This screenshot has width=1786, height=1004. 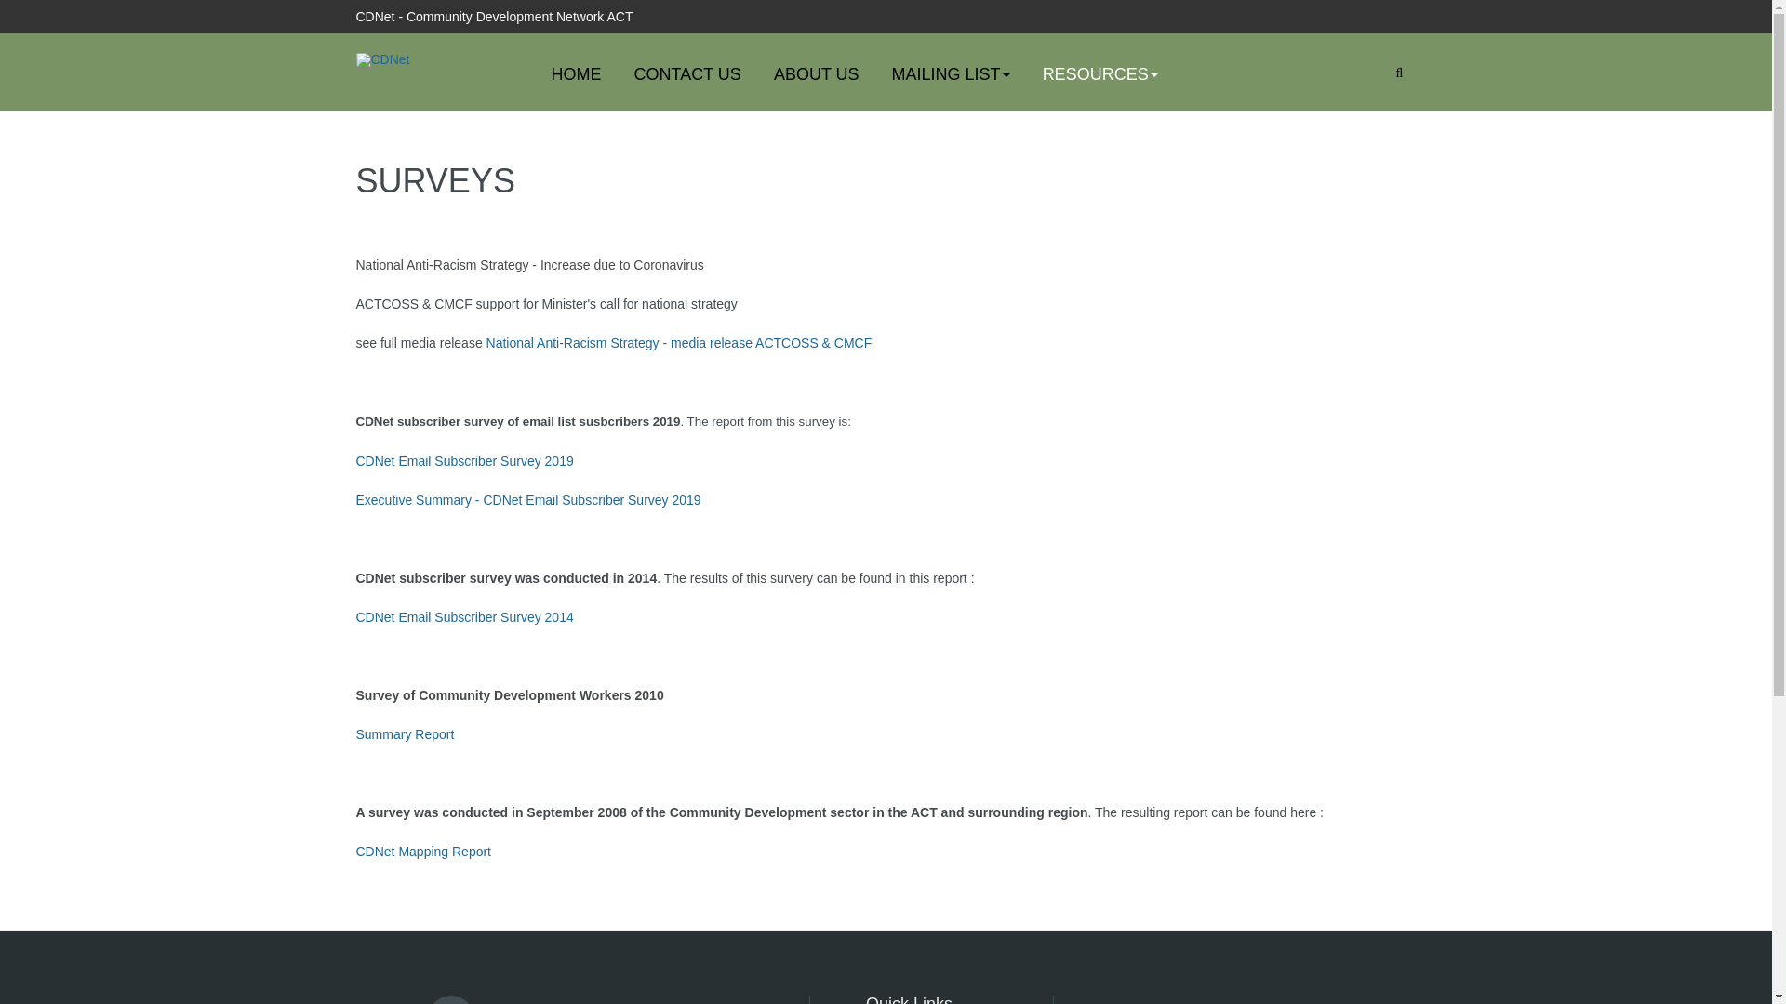 I want to click on 'CDNet Mapping Report', so click(x=422, y=851).